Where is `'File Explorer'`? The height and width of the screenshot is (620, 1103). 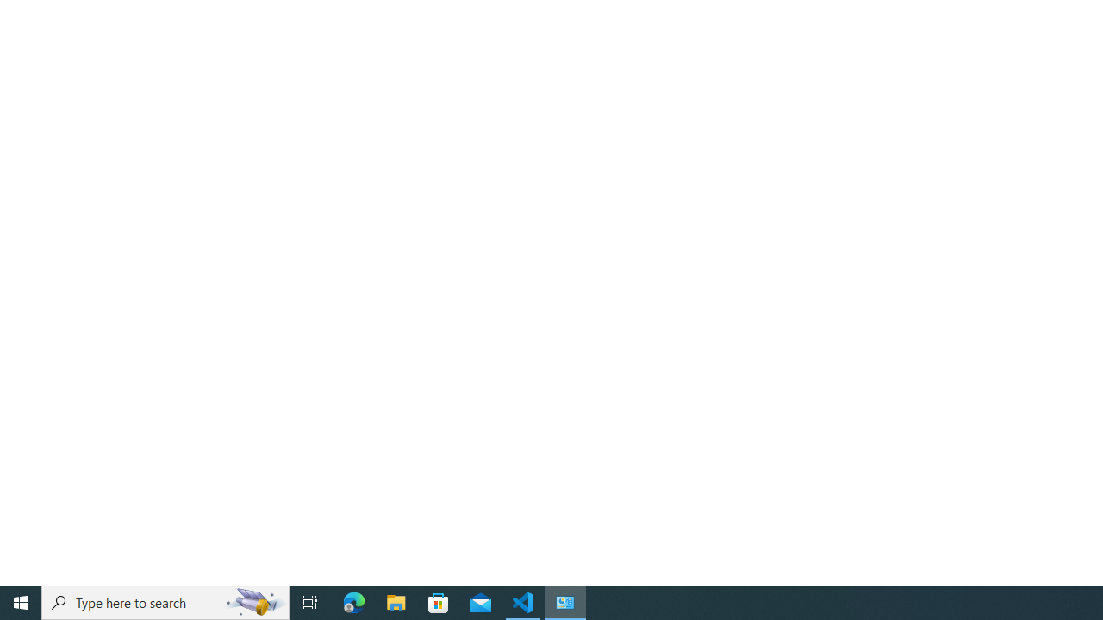 'File Explorer' is located at coordinates (396, 601).